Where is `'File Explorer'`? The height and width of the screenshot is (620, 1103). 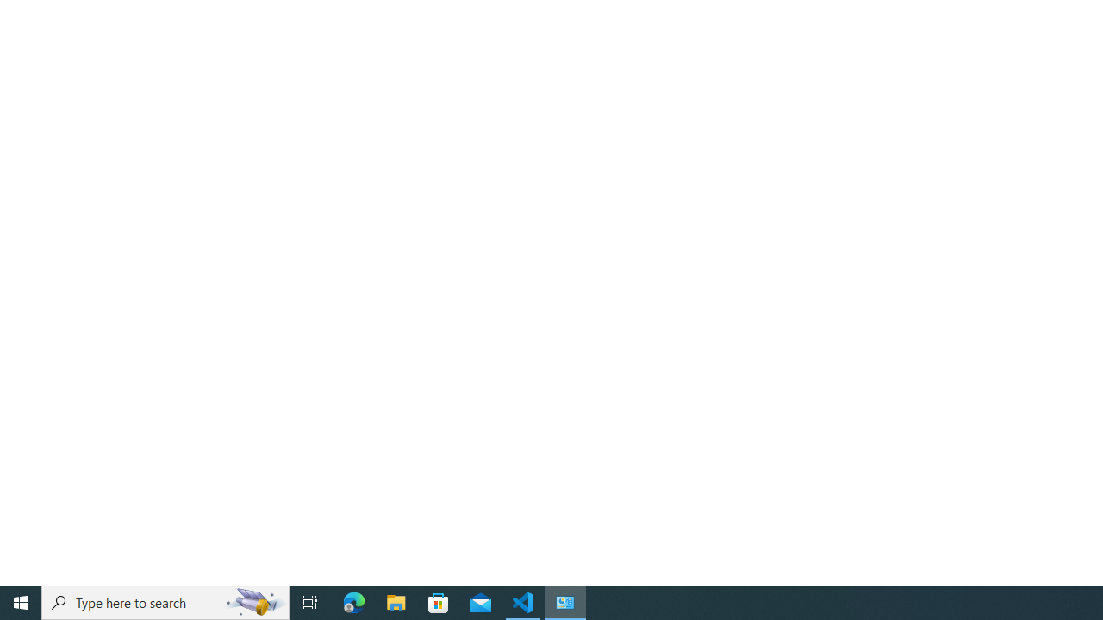 'File Explorer' is located at coordinates (396, 601).